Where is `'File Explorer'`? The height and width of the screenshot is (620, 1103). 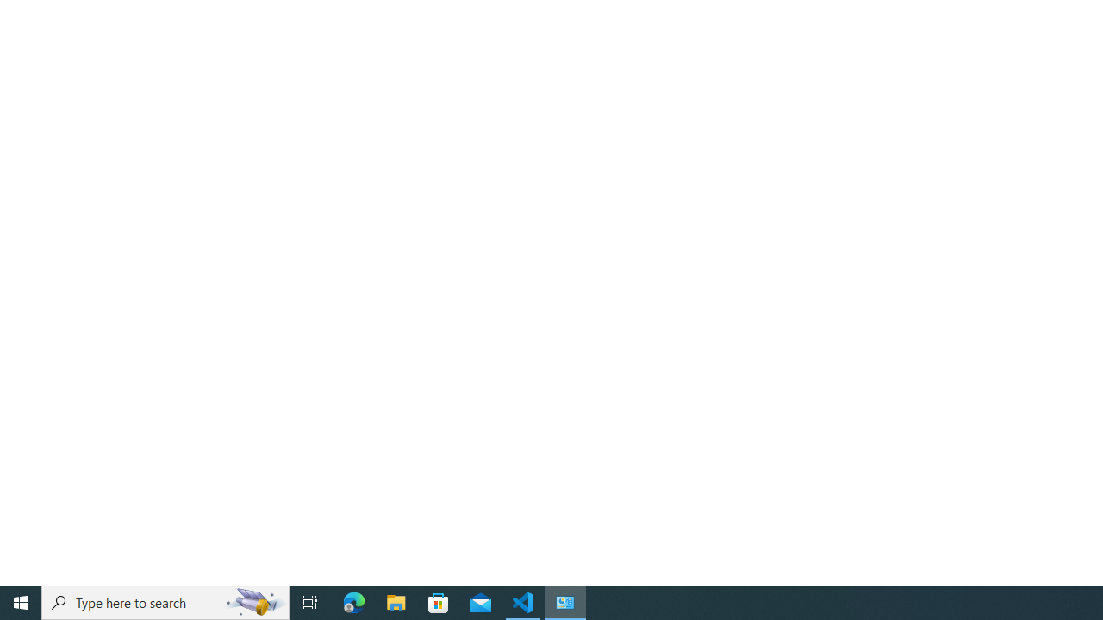 'File Explorer' is located at coordinates (396, 601).